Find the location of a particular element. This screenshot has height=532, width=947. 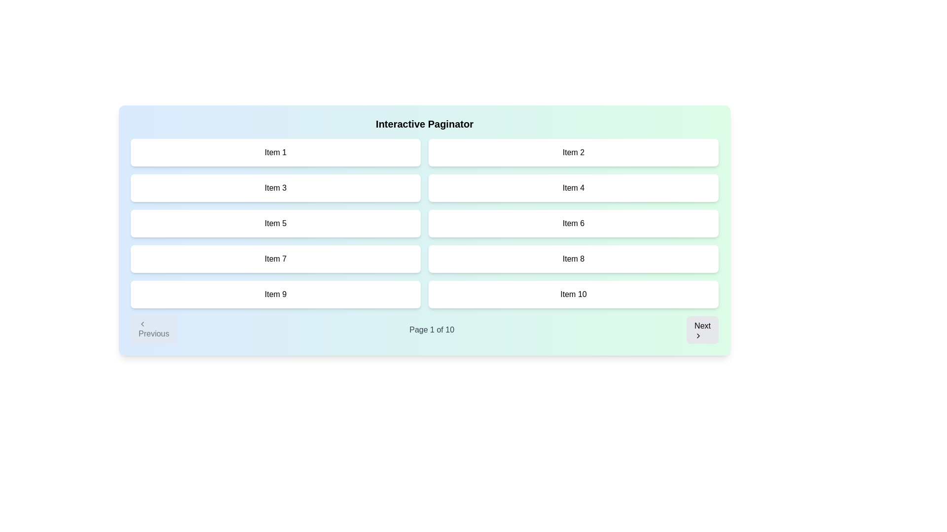

the Text Label located in the second row, first column of the grid layout, which serves as a label for a specific item is located at coordinates (275, 188).